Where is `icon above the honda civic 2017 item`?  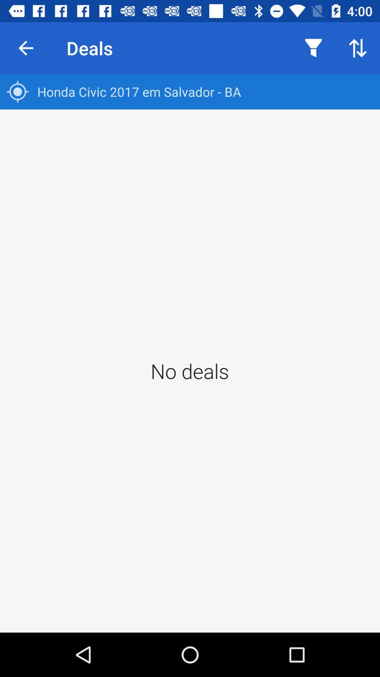 icon above the honda civic 2017 item is located at coordinates (313, 48).